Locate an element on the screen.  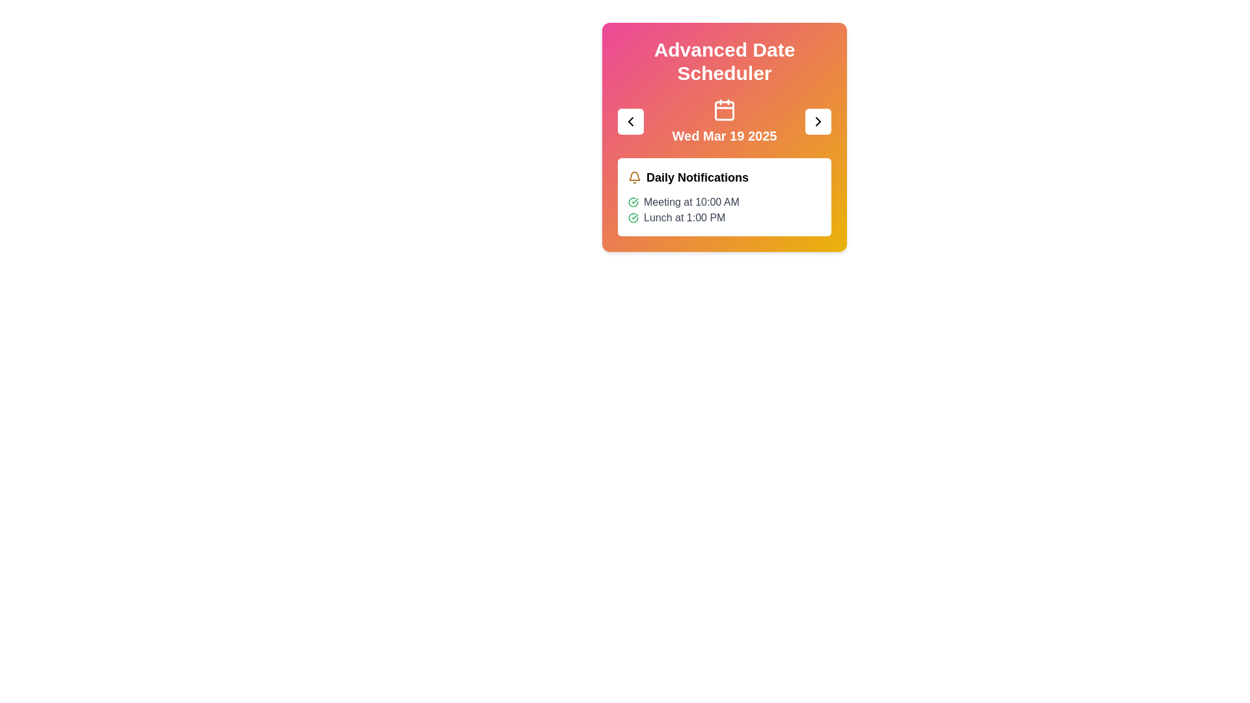
the bell icon located in the 'Daily Notifications' header section, positioned to the left of the label text is located at coordinates (634, 178).